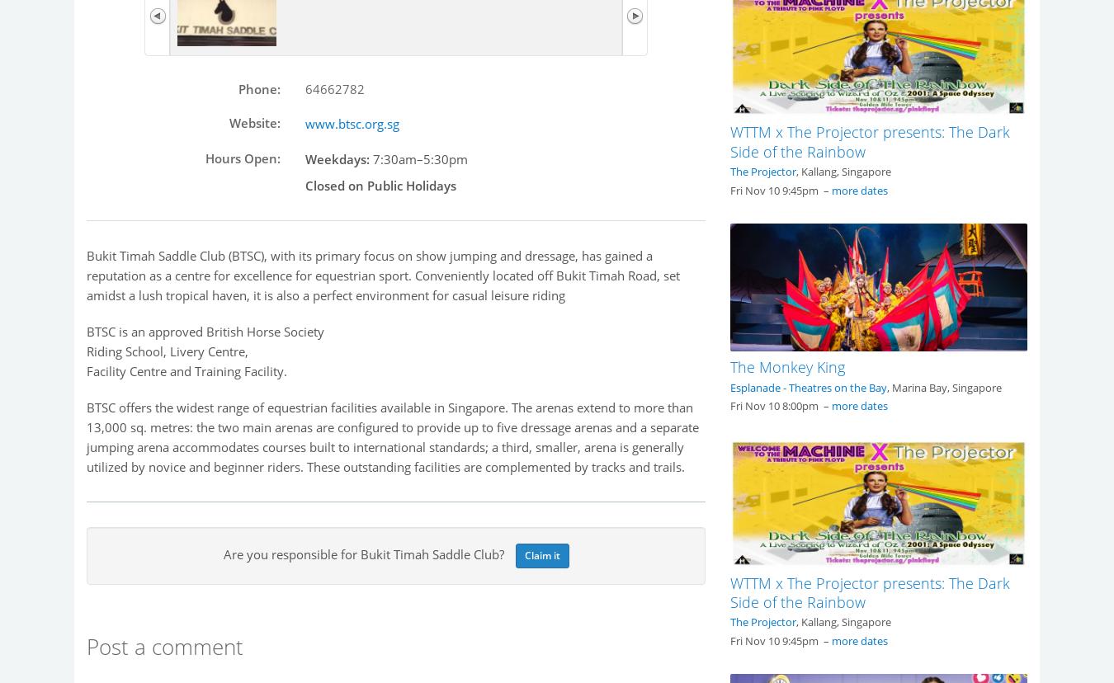 The height and width of the screenshot is (683, 1114). Describe the element at coordinates (364, 553) in the screenshot. I see `'Are you responsible for Bukit Timah Saddle Club?'` at that location.